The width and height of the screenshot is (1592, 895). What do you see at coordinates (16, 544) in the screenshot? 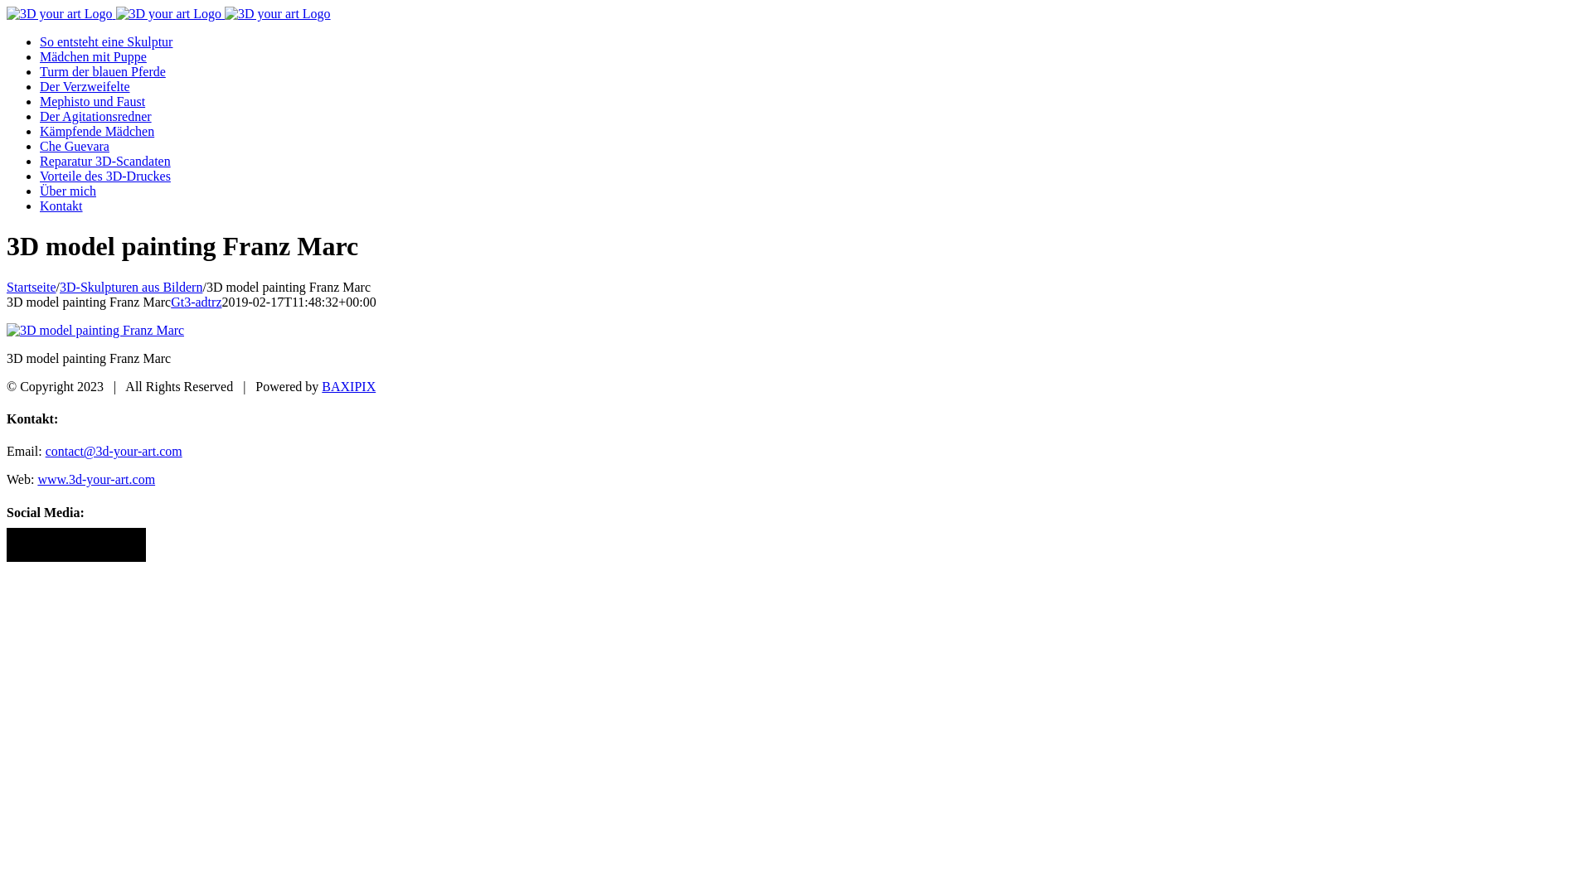
I see `'Facebook'` at bounding box center [16, 544].